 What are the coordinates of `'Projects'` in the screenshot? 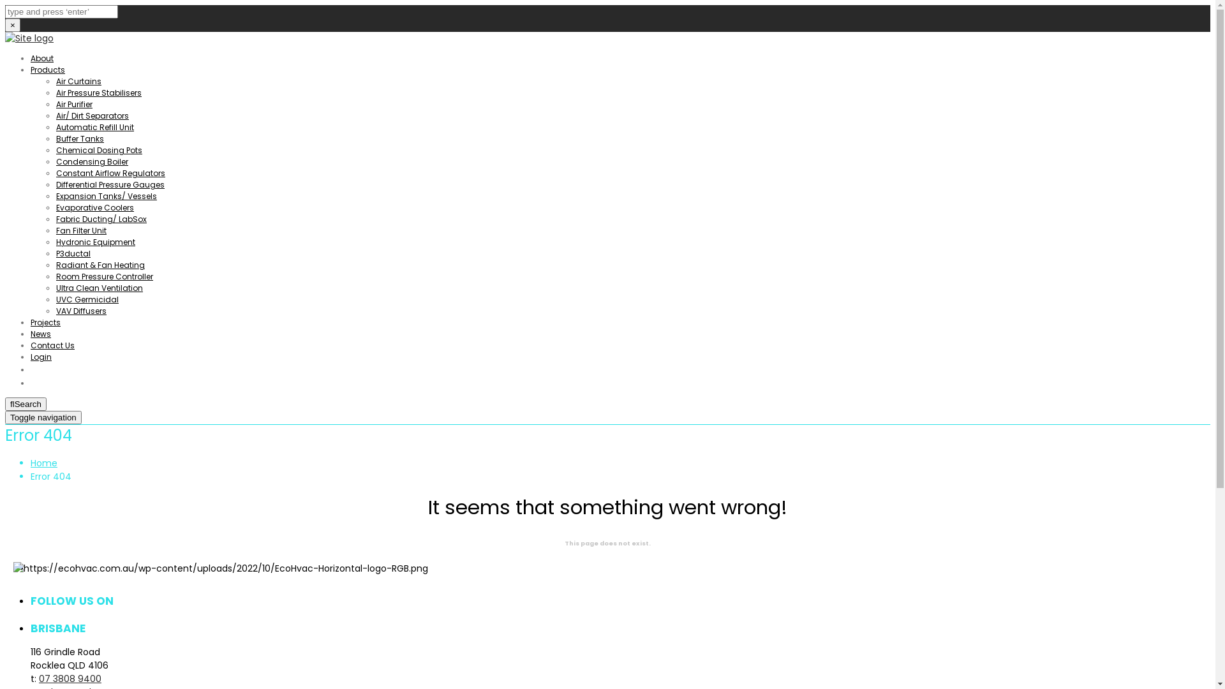 It's located at (45, 322).